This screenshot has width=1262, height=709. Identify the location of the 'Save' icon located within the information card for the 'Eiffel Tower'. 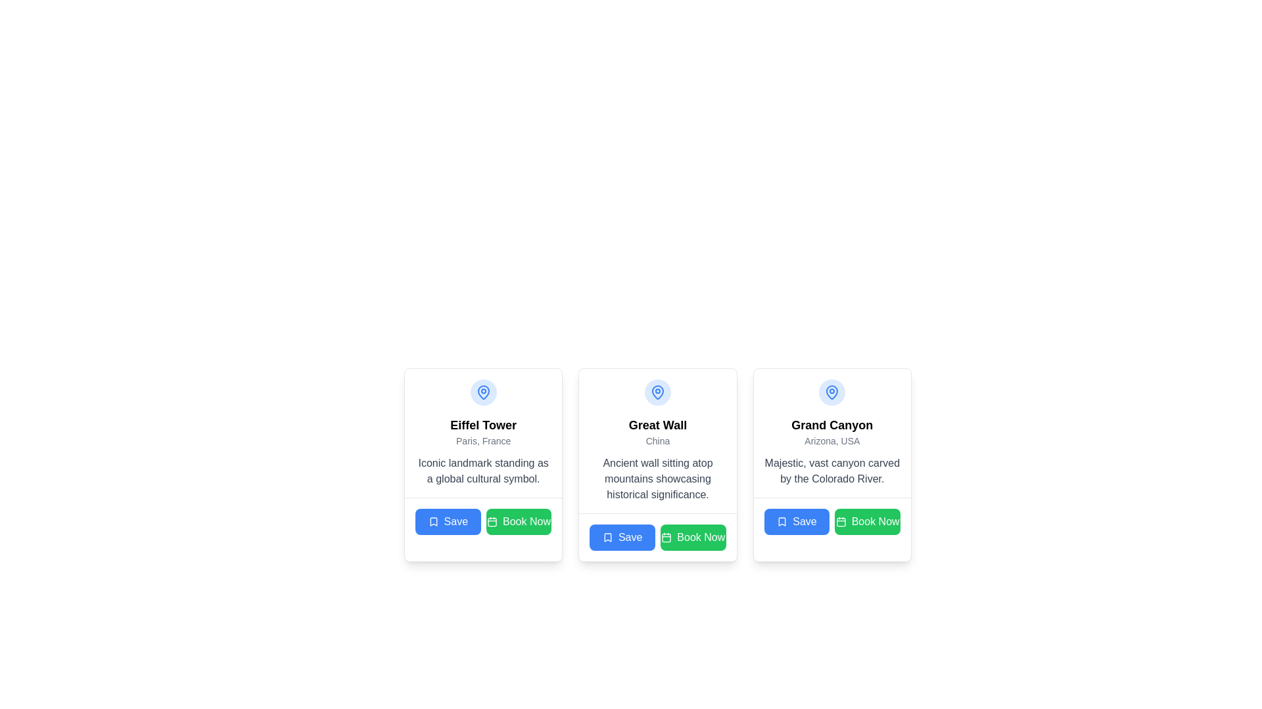
(433, 521).